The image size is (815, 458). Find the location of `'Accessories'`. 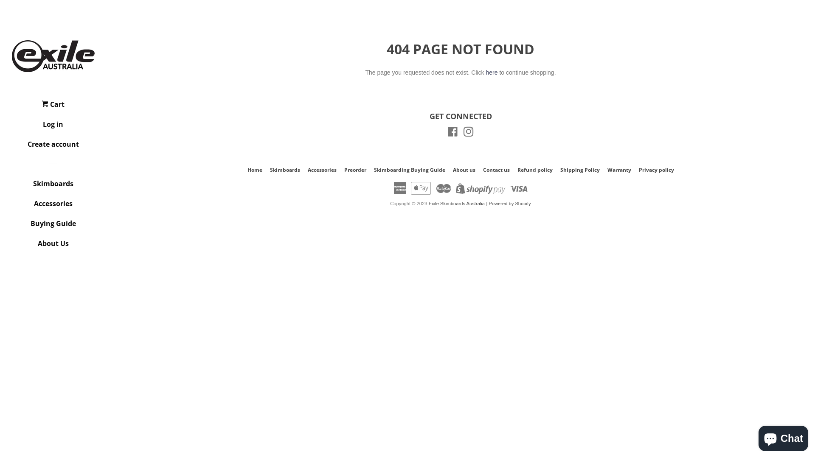

'Accessories' is located at coordinates (307, 170).